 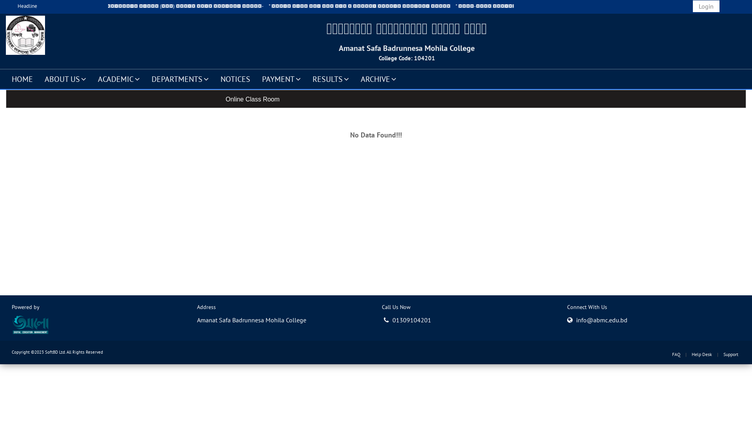 I want to click on 'SoftBD Ltd.', so click(x=45, y=351).